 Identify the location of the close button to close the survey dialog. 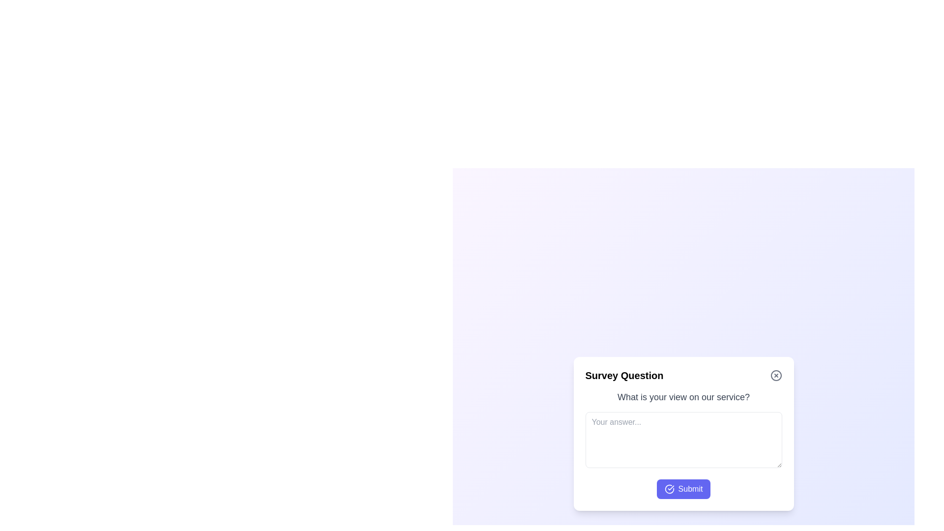
(775, 375).